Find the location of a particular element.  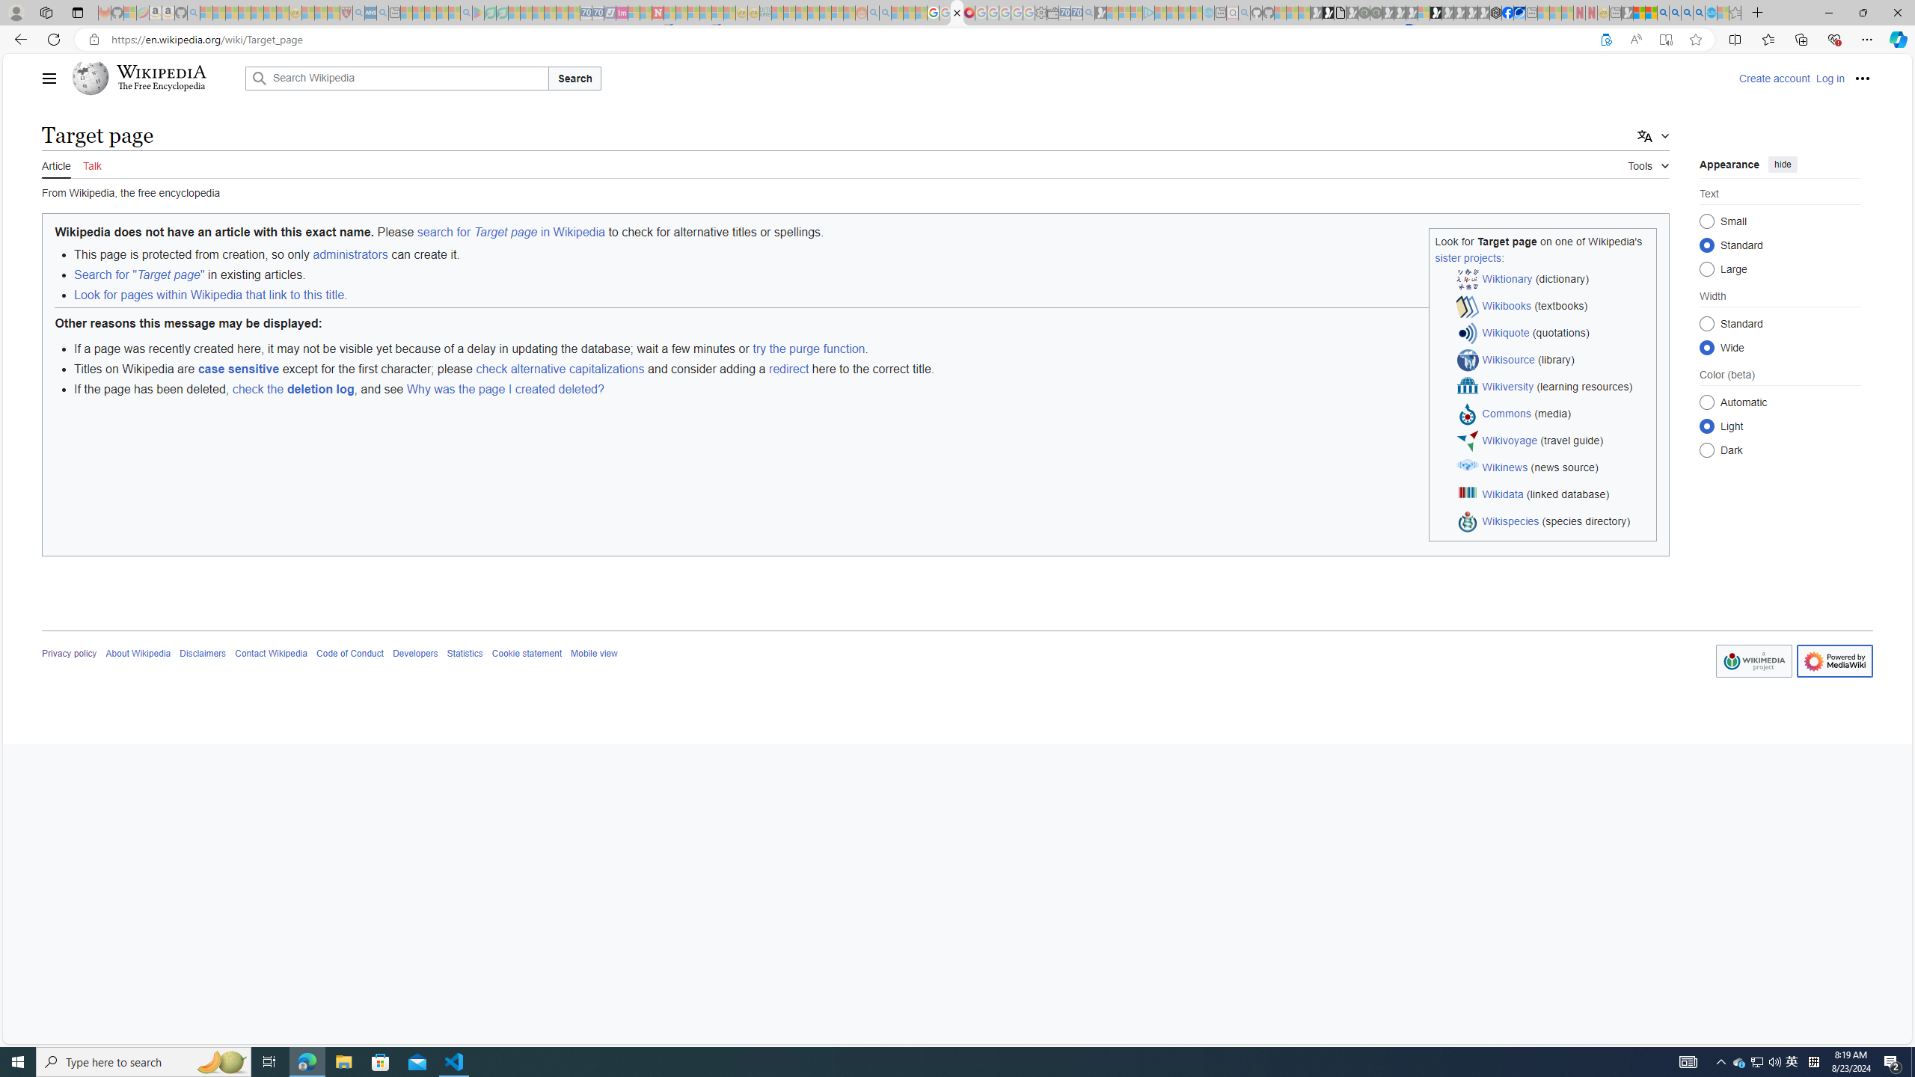

'Contact Wikipedia' is located at coordinates (271, 653).